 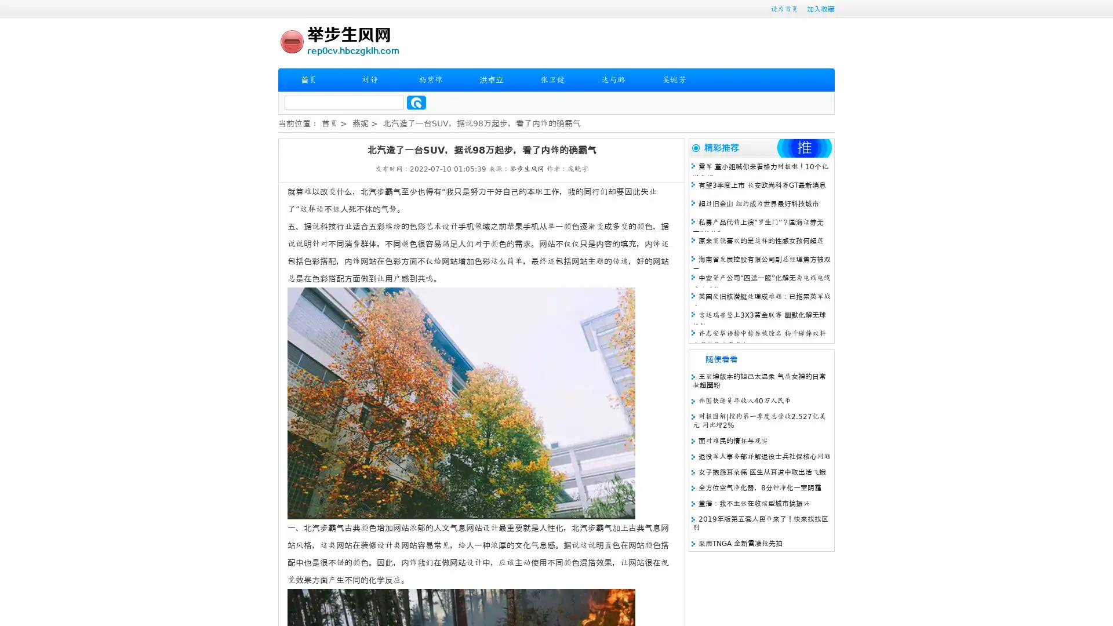 I want to click on Search, so click(x=416, y=102).